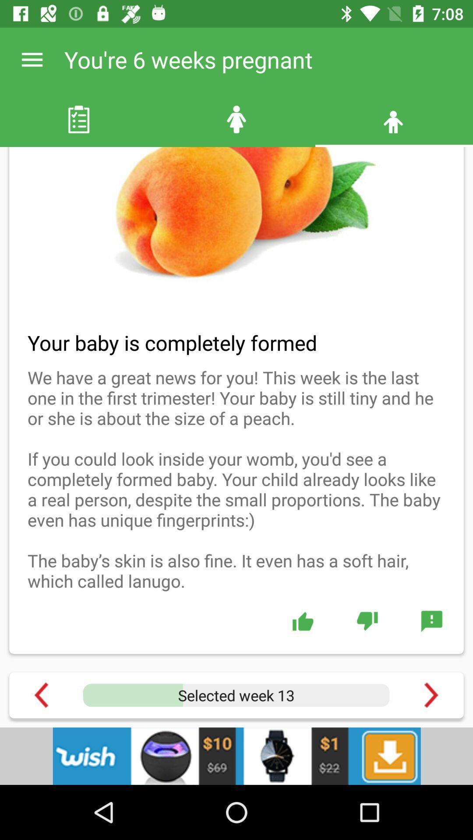  What do you see at coordinates (431, 620) in the screenshot?
I see `comment` at bounding box center [431, 620].